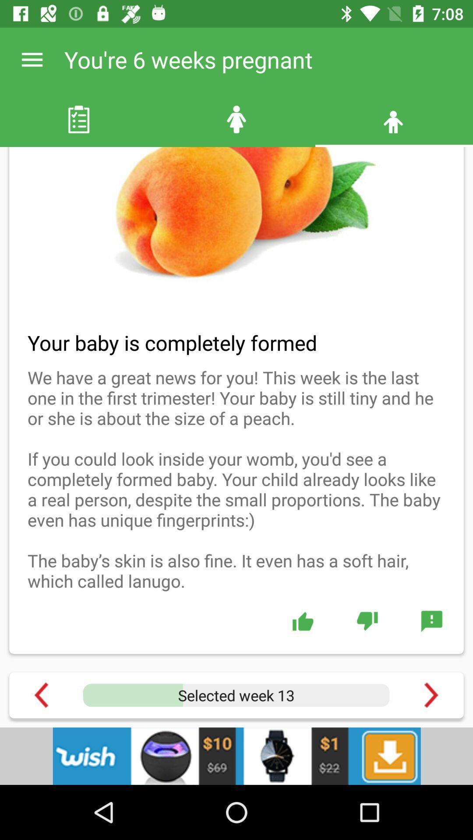  What do you see at coordinates (431, 620) in the screenshot?
I see `comment` at bounding box center [431, 620].